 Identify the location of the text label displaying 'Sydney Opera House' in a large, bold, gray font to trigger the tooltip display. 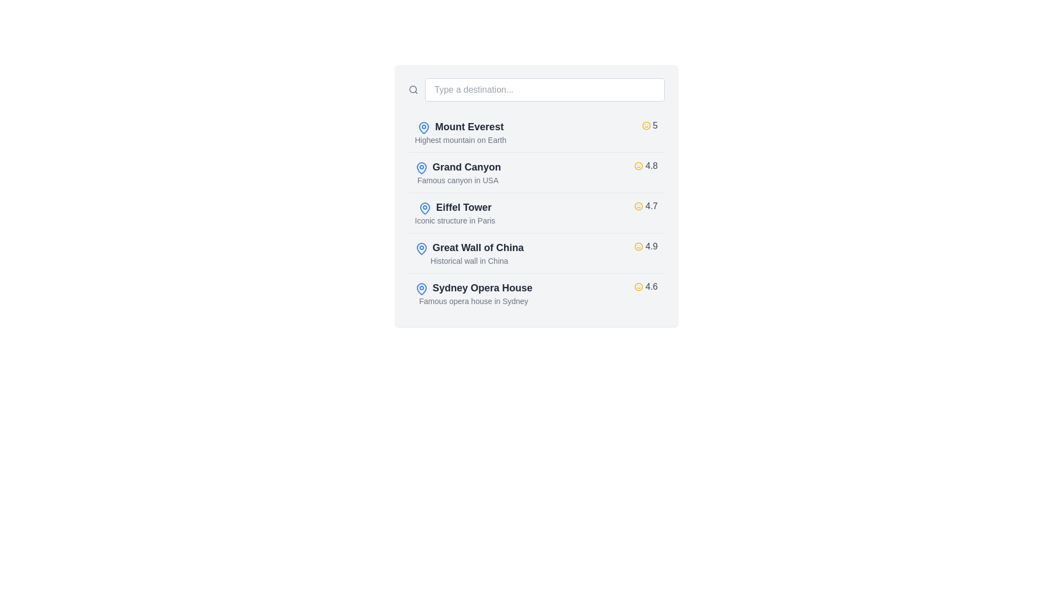
(482, 287).